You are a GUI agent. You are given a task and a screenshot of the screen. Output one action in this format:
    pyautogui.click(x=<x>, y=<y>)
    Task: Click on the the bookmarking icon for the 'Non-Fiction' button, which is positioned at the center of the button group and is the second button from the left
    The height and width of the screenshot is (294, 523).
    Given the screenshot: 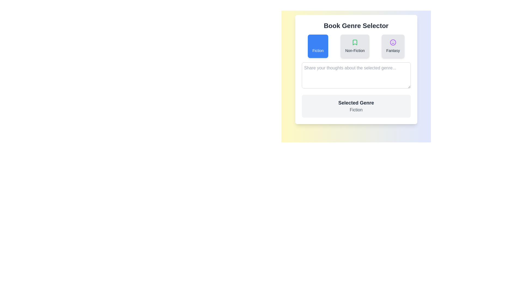 What is the action you would take?
    pyautogui.click(x=355, y=42)
    